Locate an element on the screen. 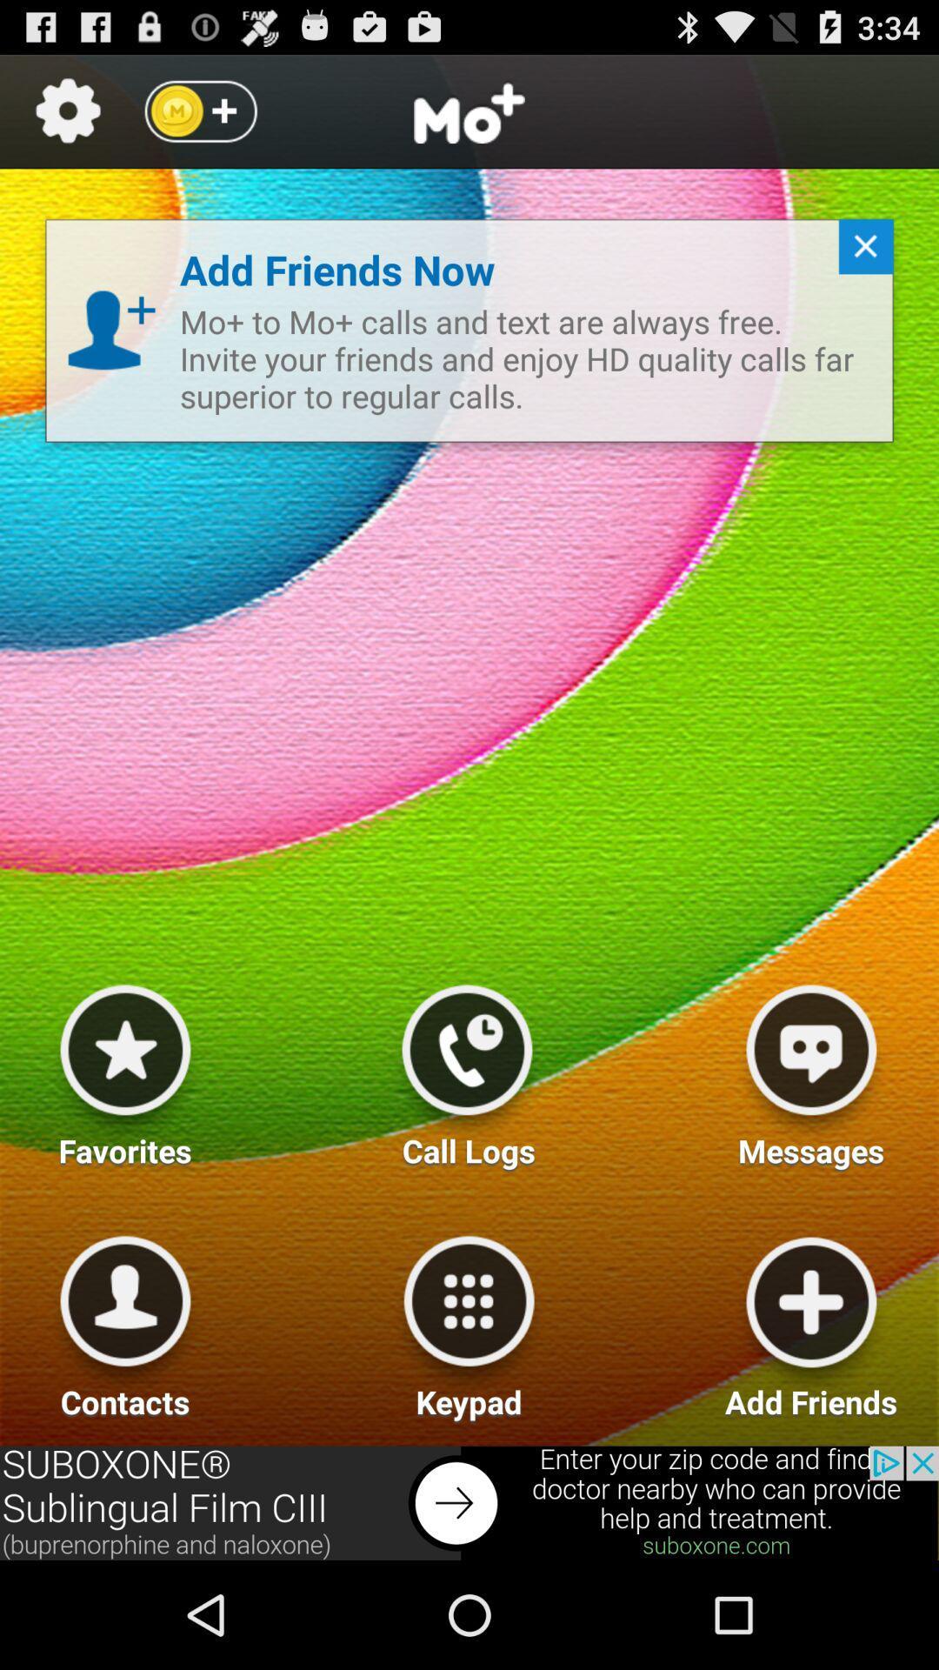 The width and height of the screenshot is (939, 1670). open contacts is located at coordinates (124, 1320).